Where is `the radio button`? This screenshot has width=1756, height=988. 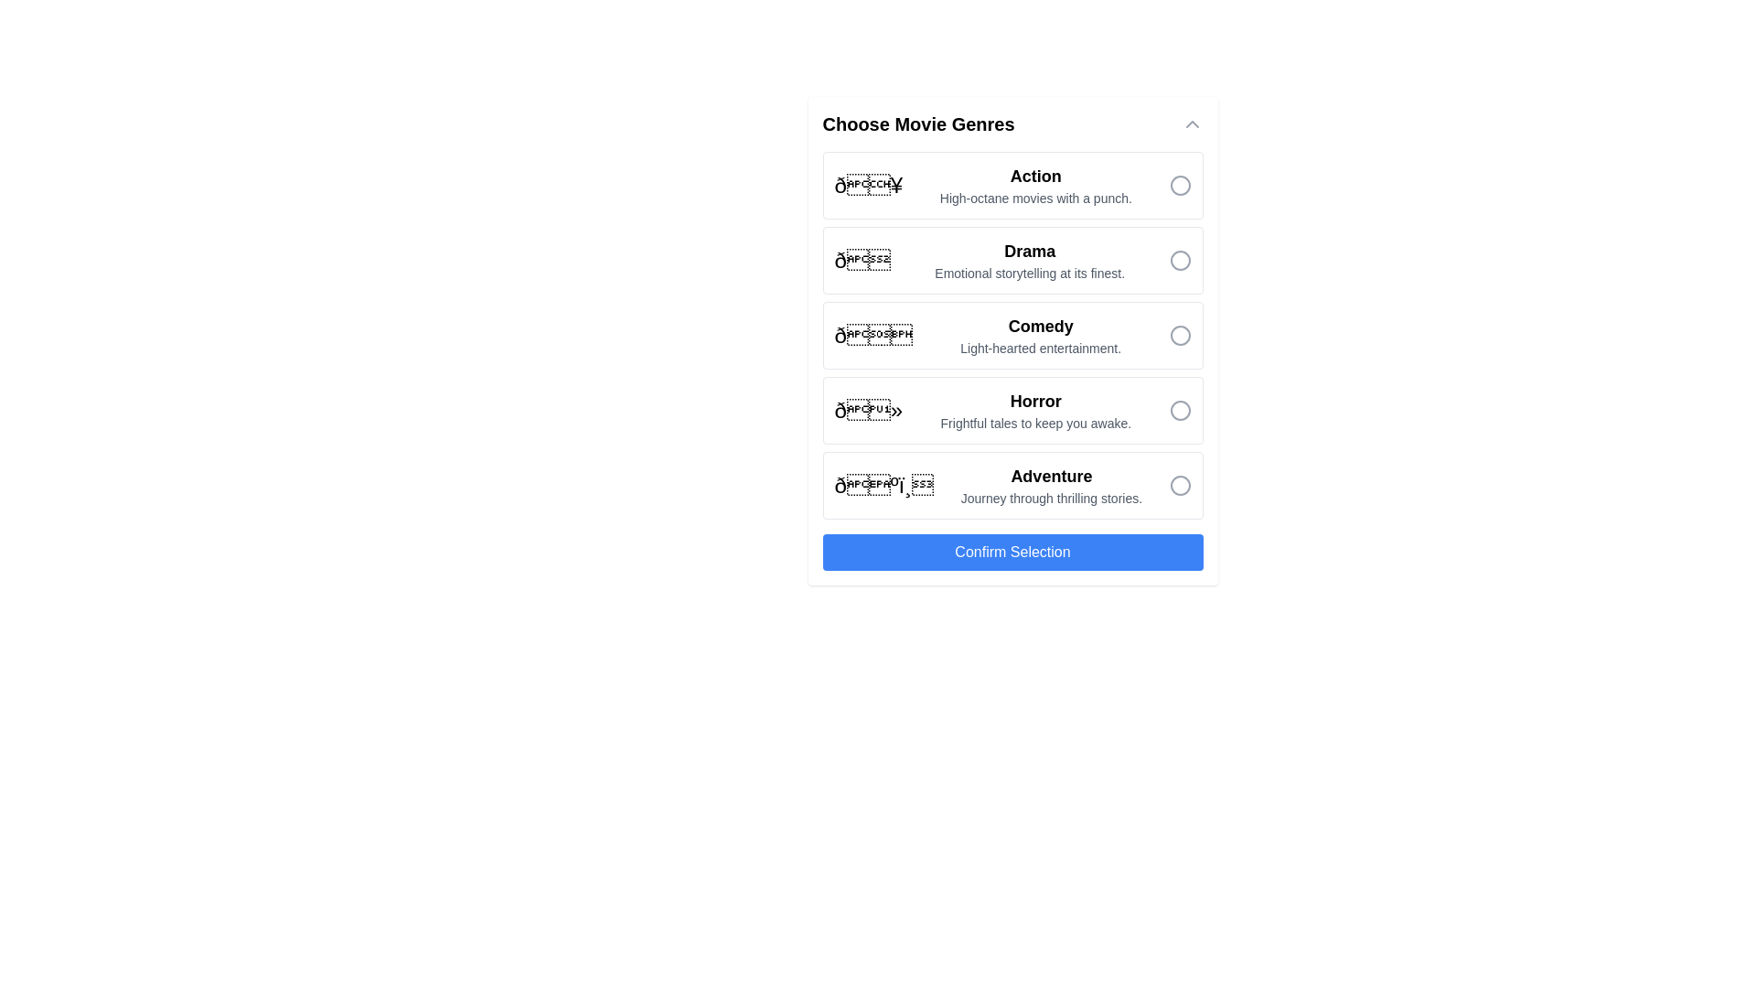
the radio button is located at coordinates (1180, 485).